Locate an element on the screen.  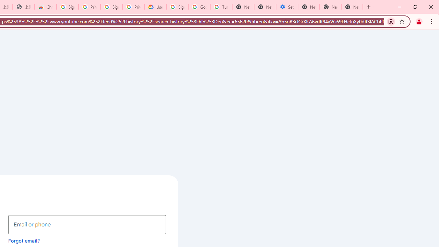
'Settings - System' is located at coordinates (287, 7).